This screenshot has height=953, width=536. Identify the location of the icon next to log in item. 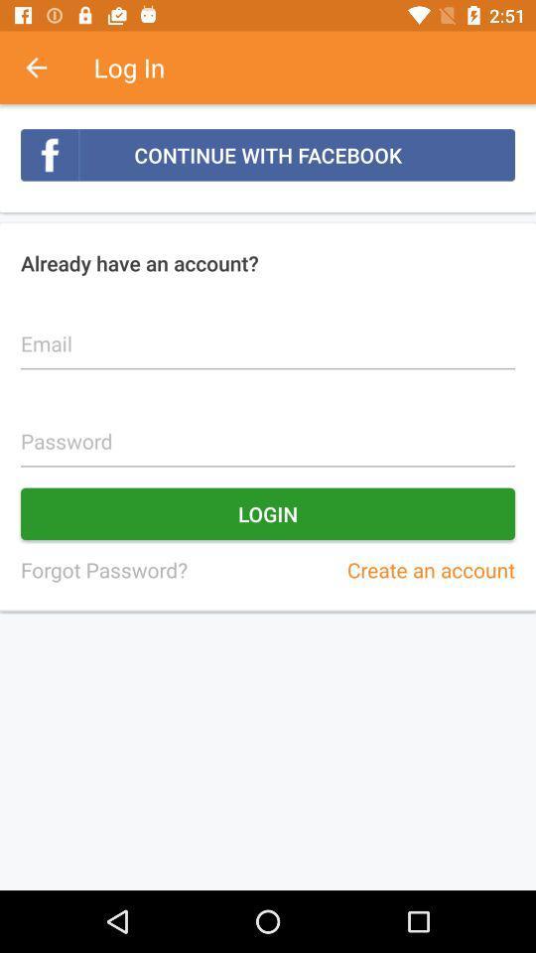
(47, 68).